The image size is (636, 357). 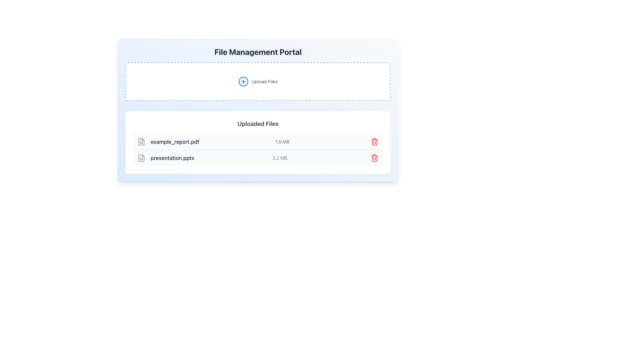 I want to click on the small gray file icon representing the file type preceding the file name 'presentation.pptx' in the uploaded files list, so click(x=141, y=158).